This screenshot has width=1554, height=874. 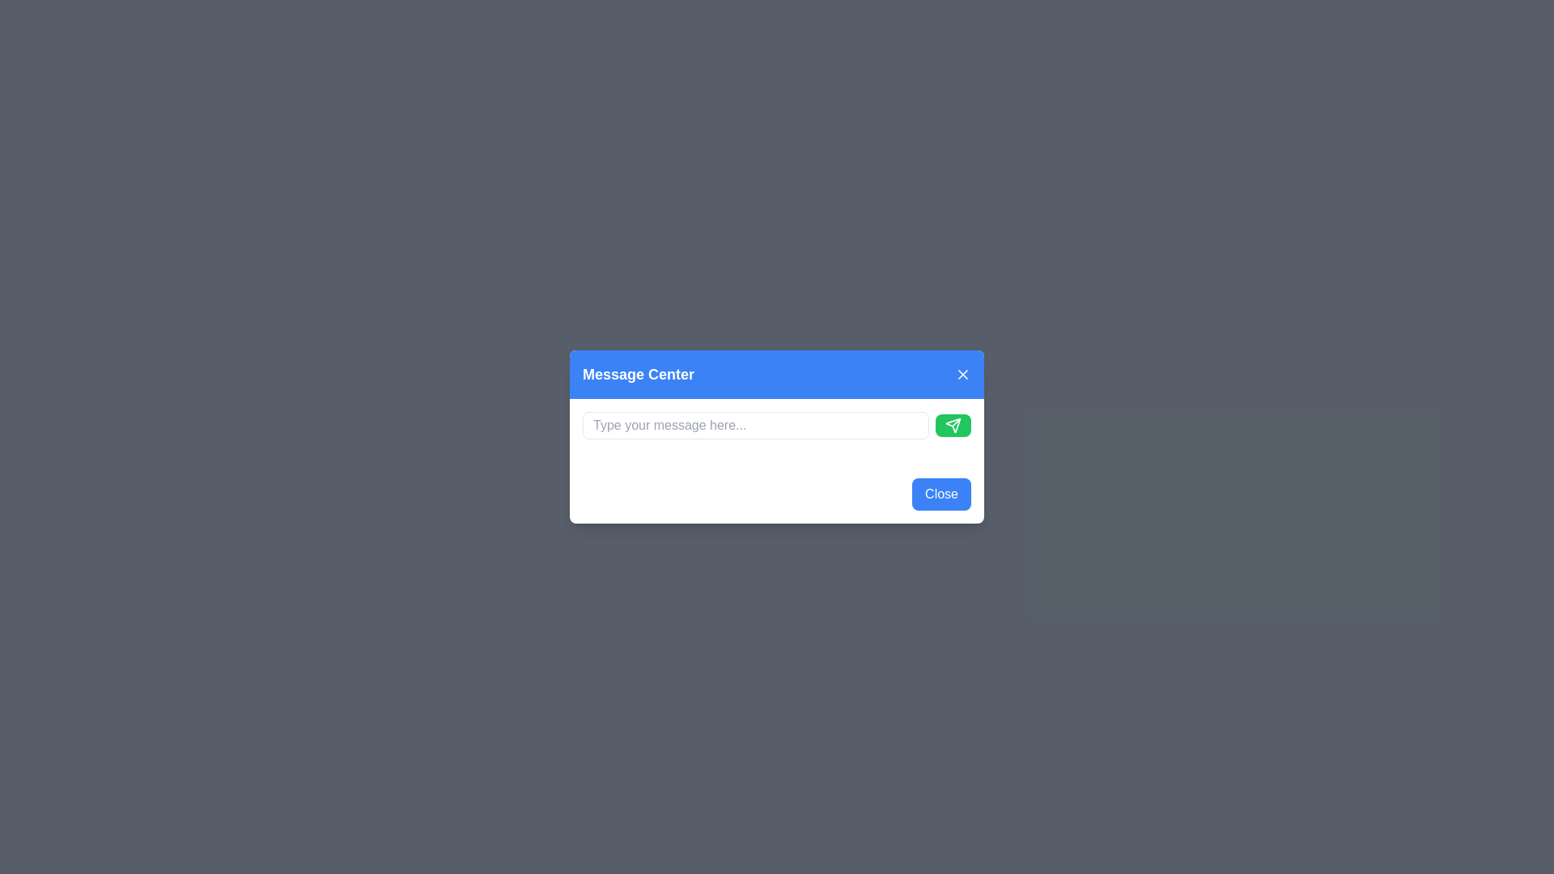 I want to click on the 'Send' button located at the far-right side of the horizontal layout within the 'Message Center' modal, so click(x=953, y=424).